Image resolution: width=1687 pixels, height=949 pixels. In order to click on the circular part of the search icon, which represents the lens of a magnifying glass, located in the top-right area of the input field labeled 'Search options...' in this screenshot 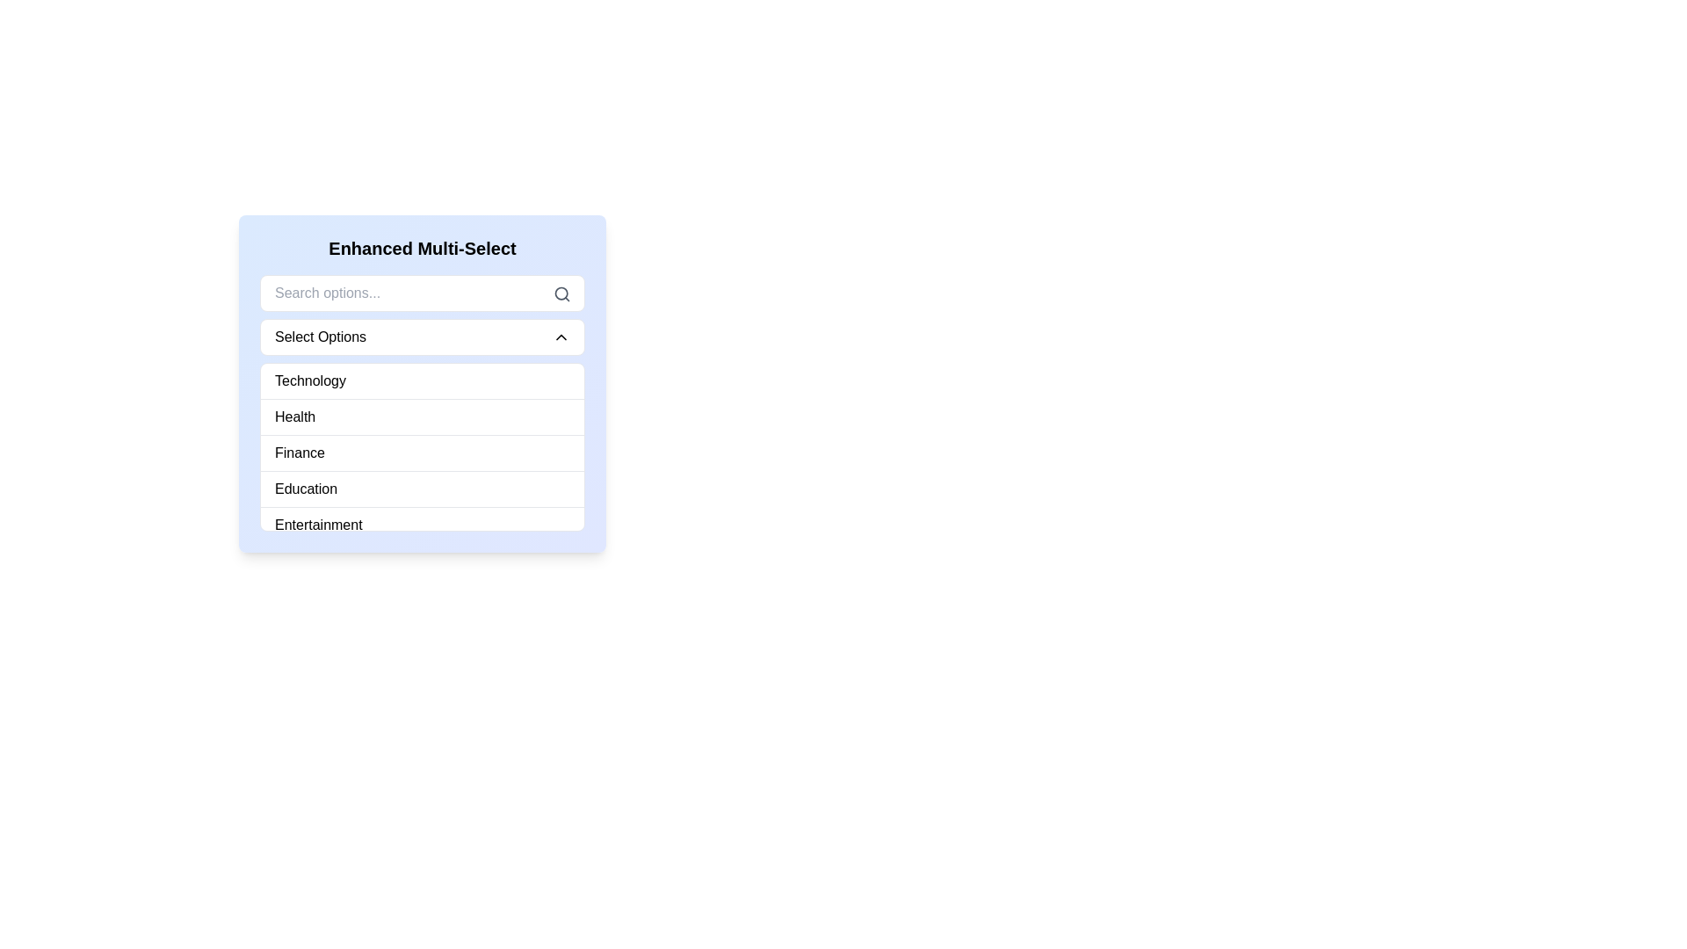, I will do `click(561, 293)`.